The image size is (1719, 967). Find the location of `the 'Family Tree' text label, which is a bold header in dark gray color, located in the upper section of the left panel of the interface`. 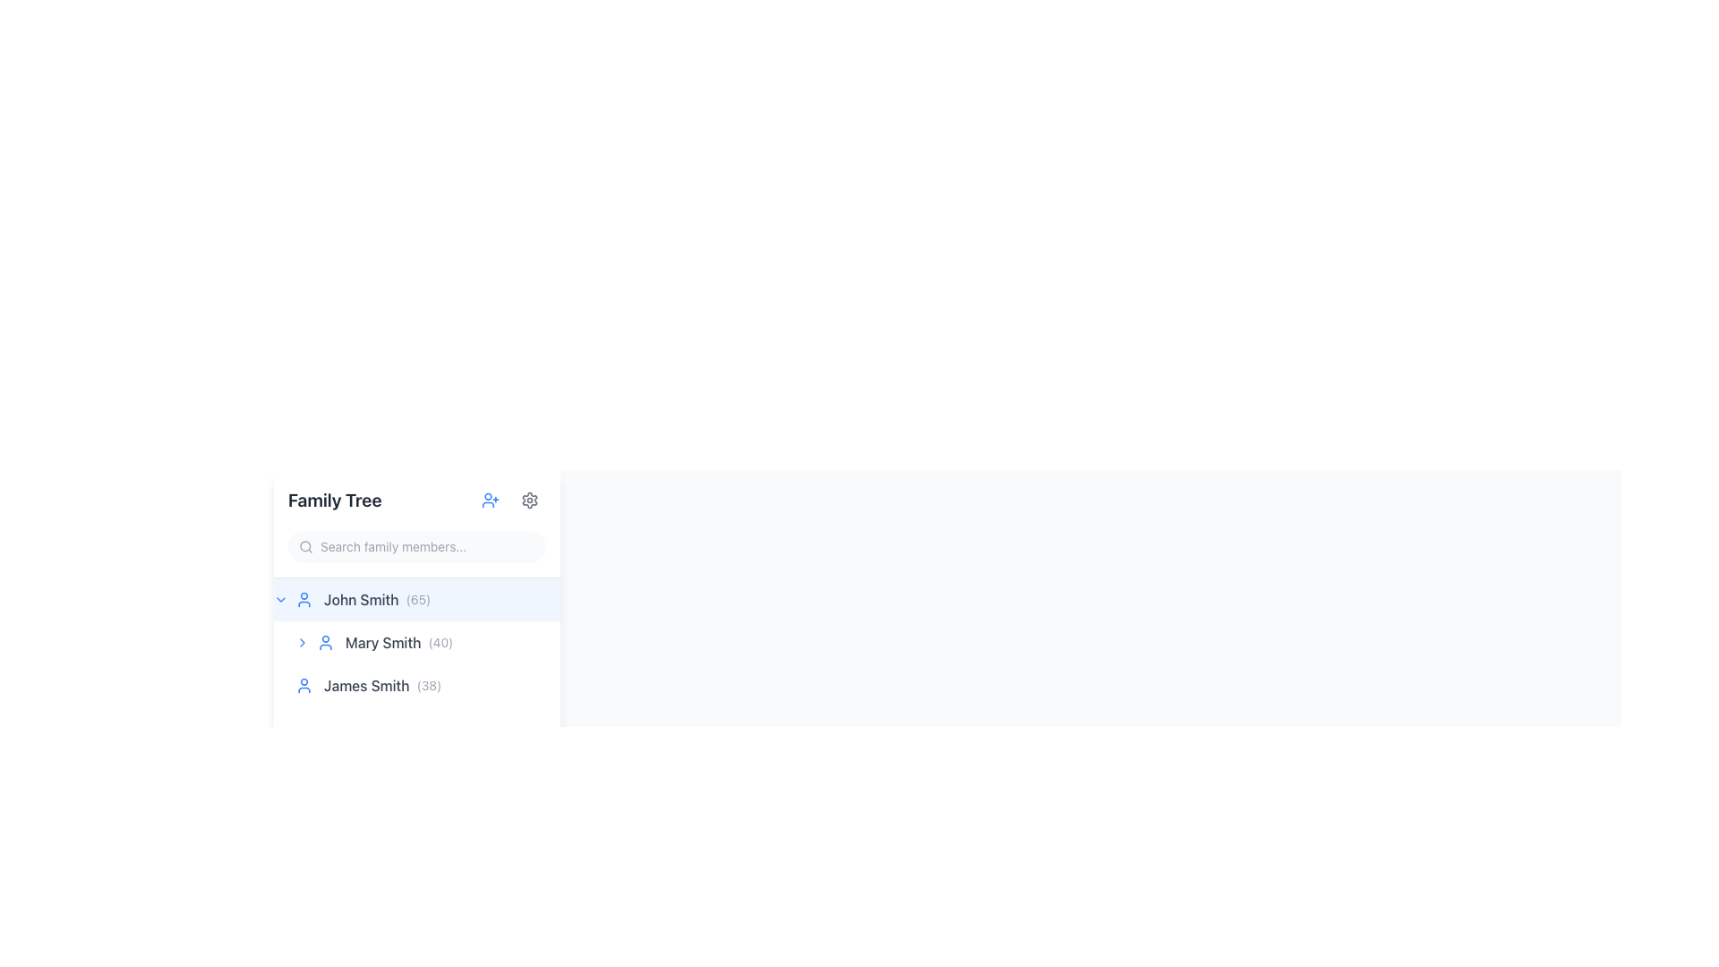

the 'Family Tree' text label, which is a bold header in dark gray color, located in the upper section of the left panel of the interface is located at coordinates (335, 501).